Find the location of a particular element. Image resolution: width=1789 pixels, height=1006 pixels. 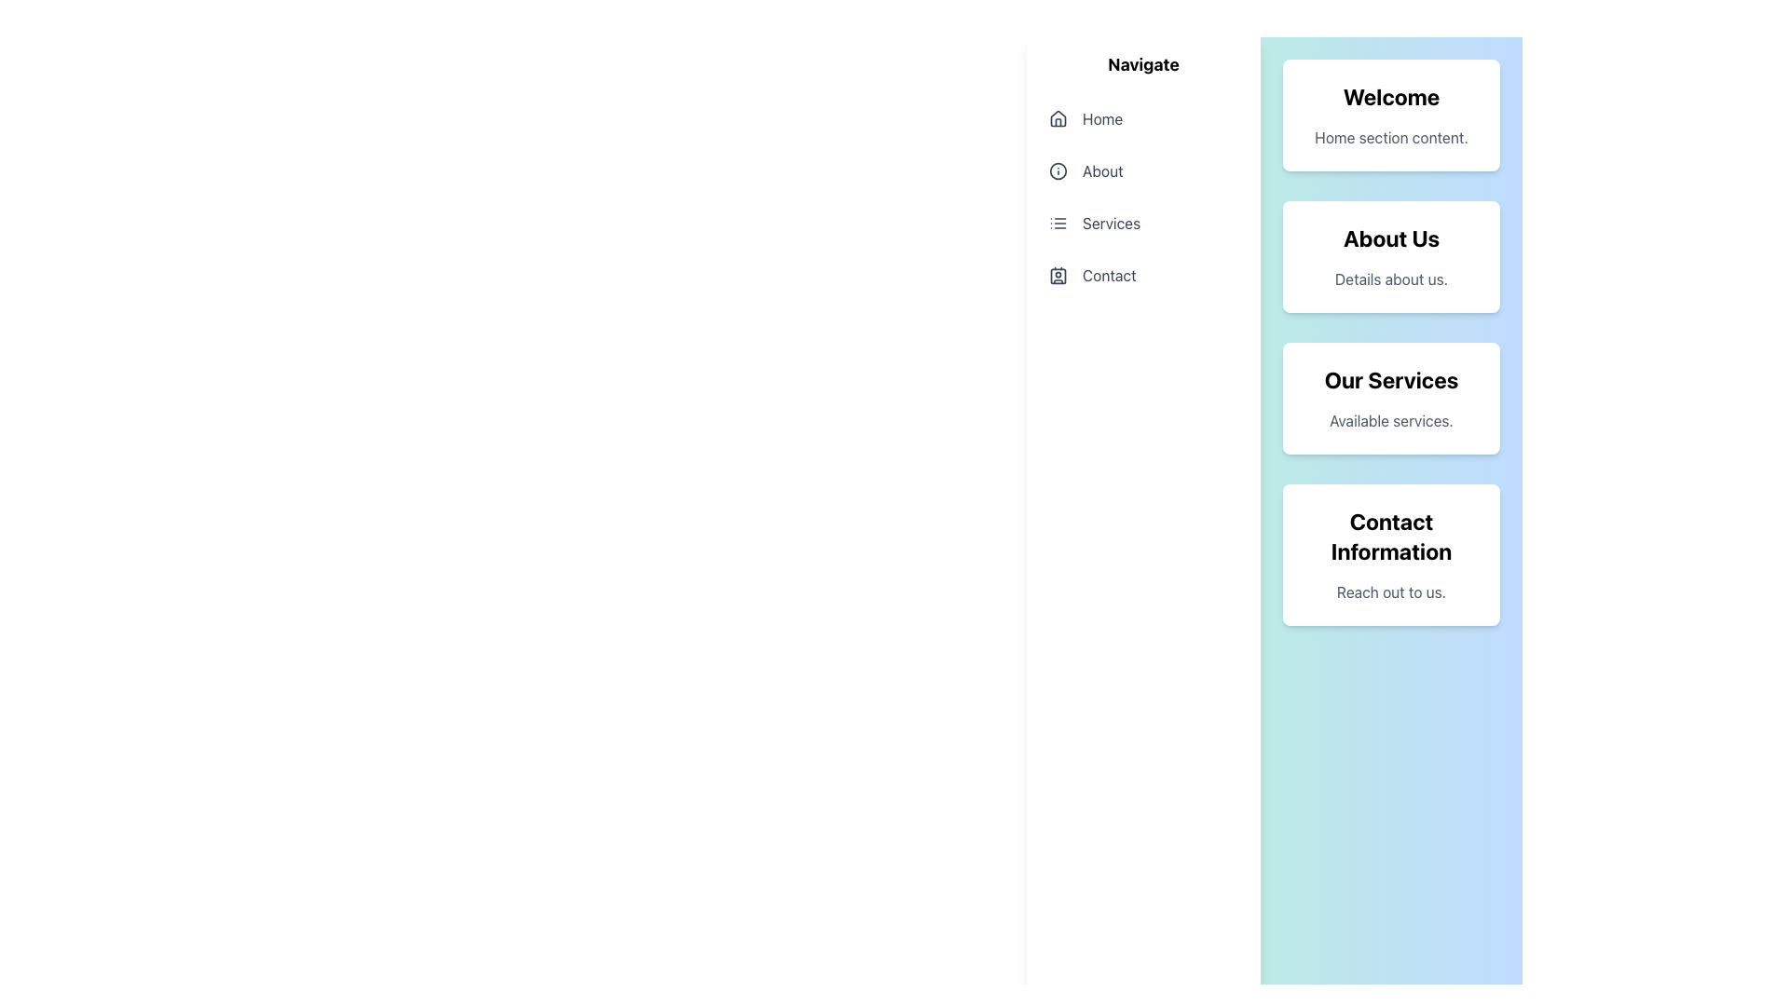

the 'Contact' link in the sidebar menu is located at coordinates (1142, 276).